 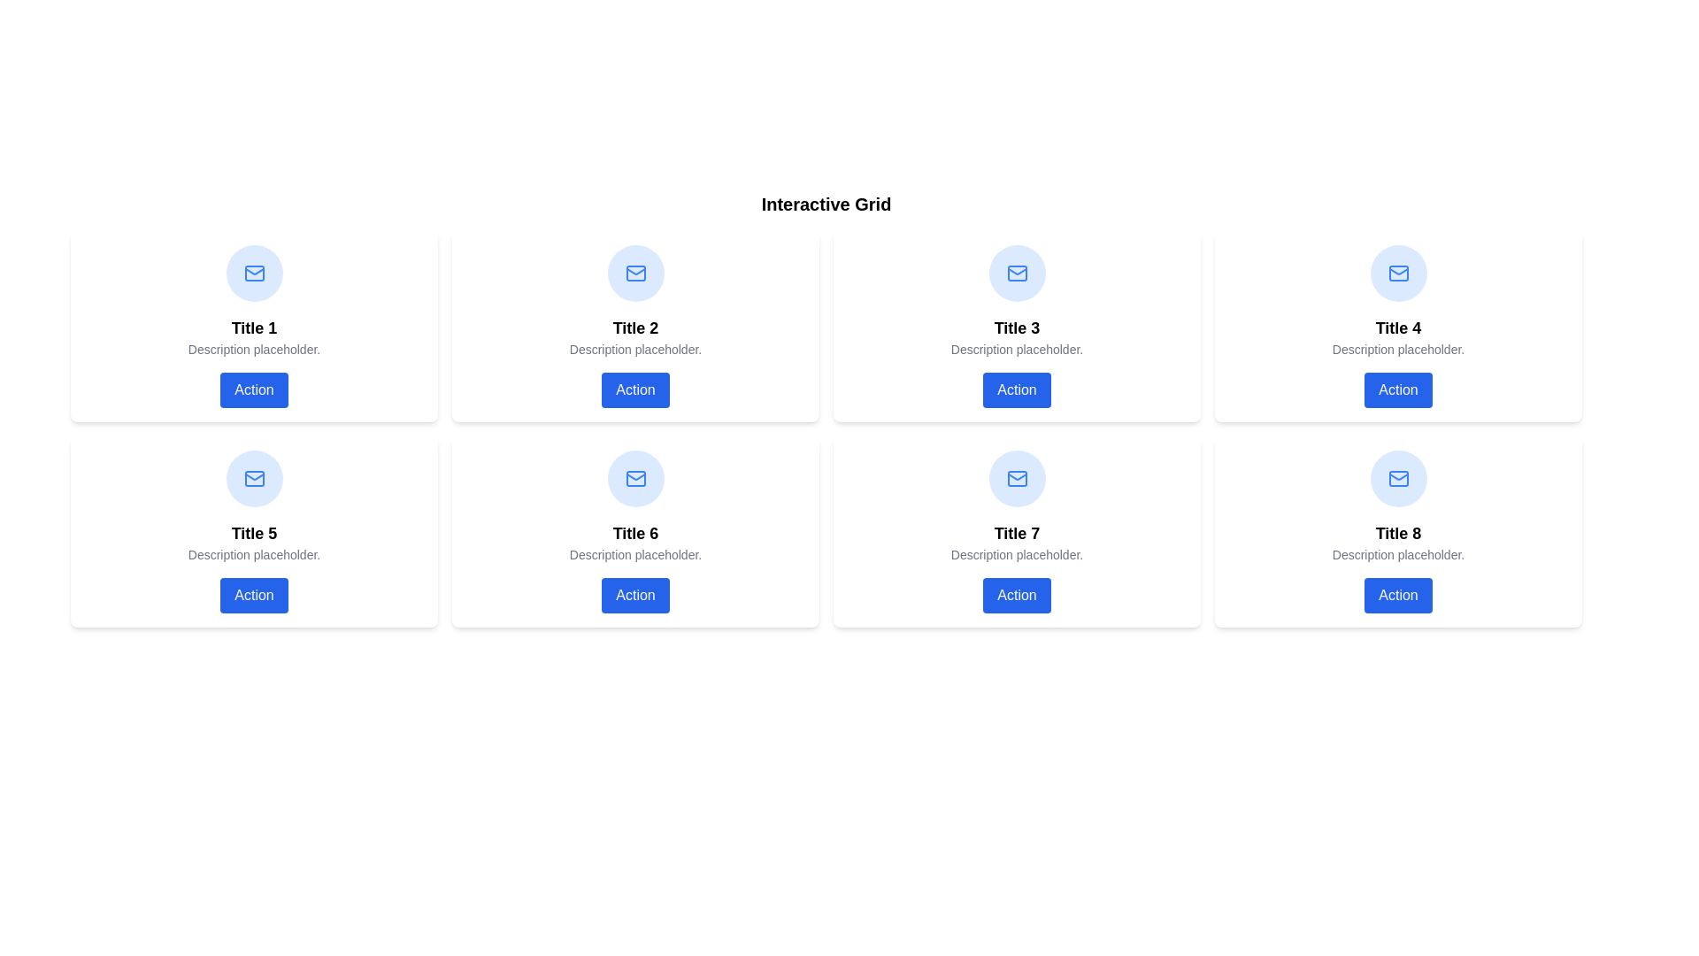 I want to click on the text label that reads 'Description placeholder.' located in the fifth card of the grid layout, positioned below 'Title 5' and above the 'Action' button, so click(x=253, y=554).